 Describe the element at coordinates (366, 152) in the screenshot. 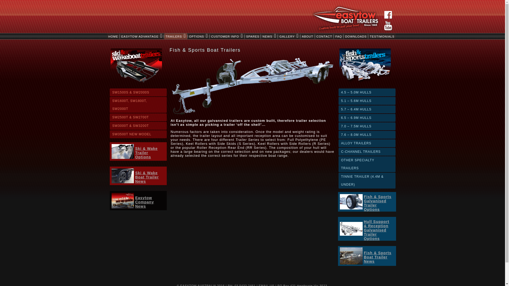

I see `'C-CHANNEL TRAILERS'` at that location.